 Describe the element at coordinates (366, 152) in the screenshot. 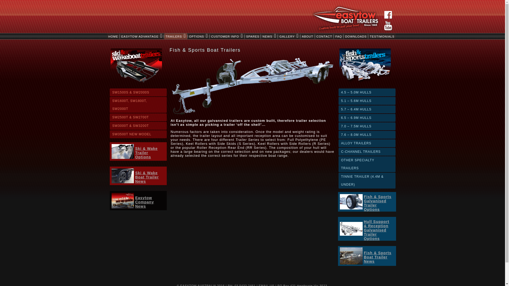

I see `'C-CHANNEL TRAILERS'` at that location.